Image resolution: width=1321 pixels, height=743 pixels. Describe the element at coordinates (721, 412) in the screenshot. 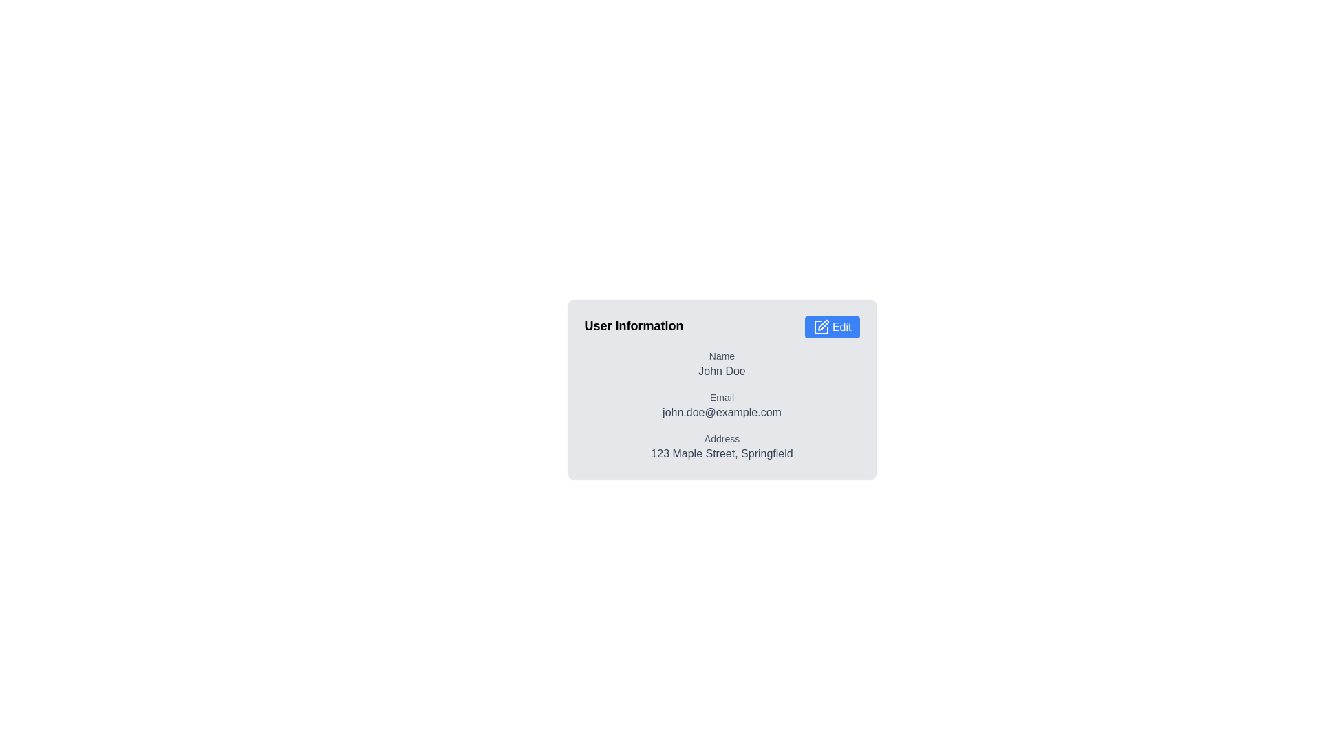

I see `the email address displayed below the 'Email' label, which serves as part of the user's contact information` at that location.